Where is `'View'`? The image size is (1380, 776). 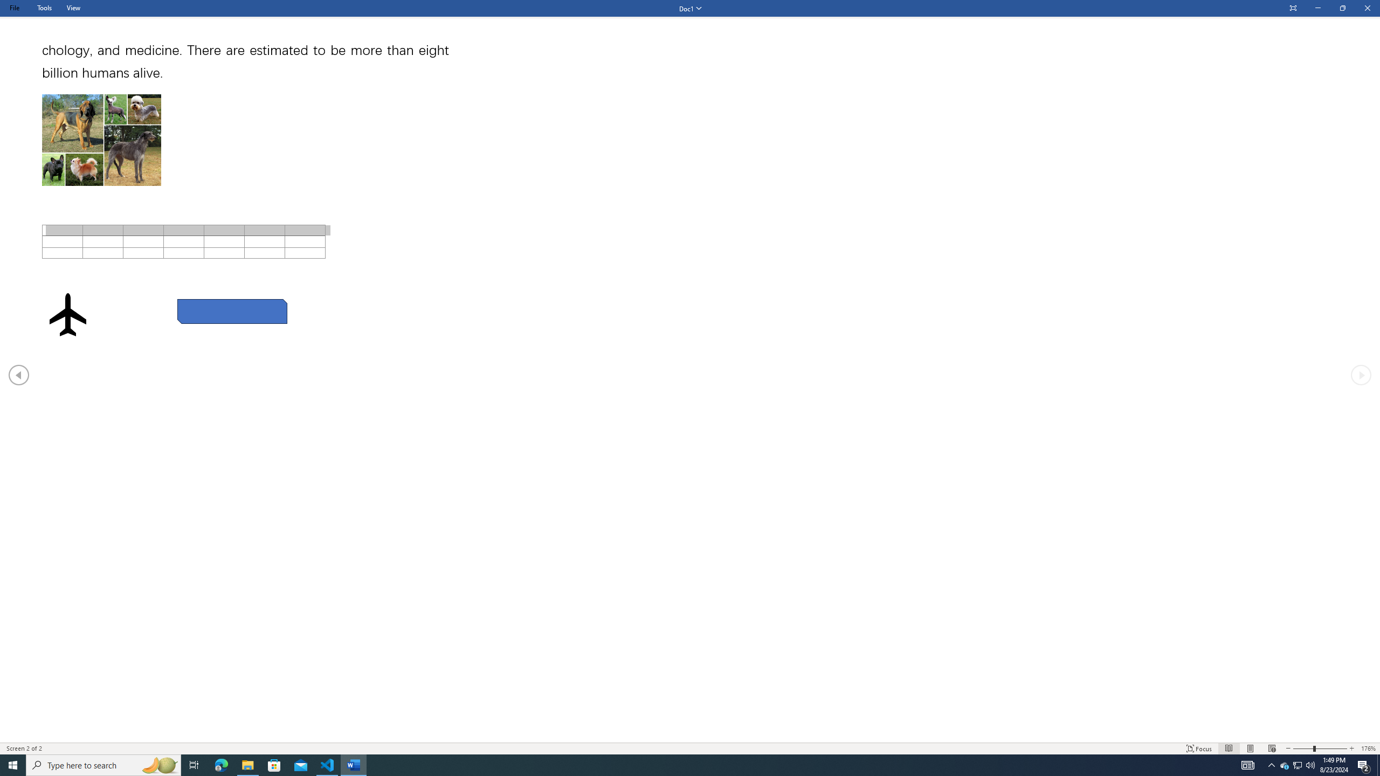 'View' is located at coordinates (73, 8).